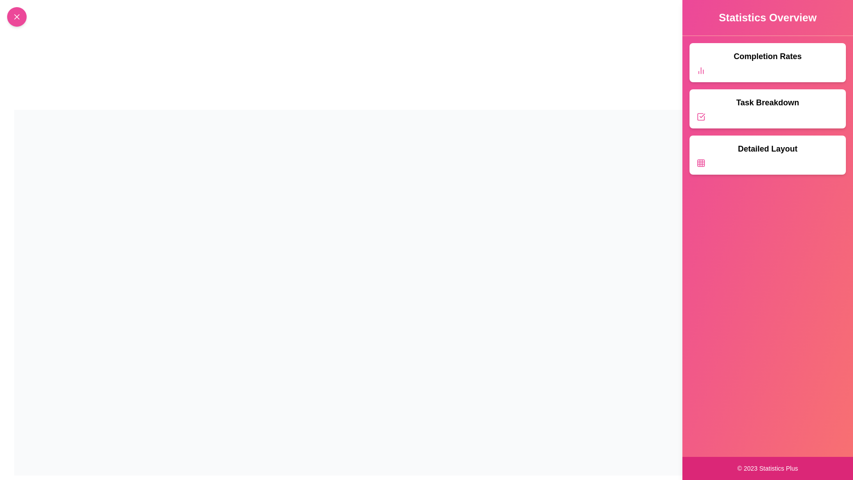 Image resolution: width=853 pixels, height=480 pixels. Describe the element at coordinates (767, 62) in the screenshot. I see `the 'Completion Rates' section to interact with it` at that location.